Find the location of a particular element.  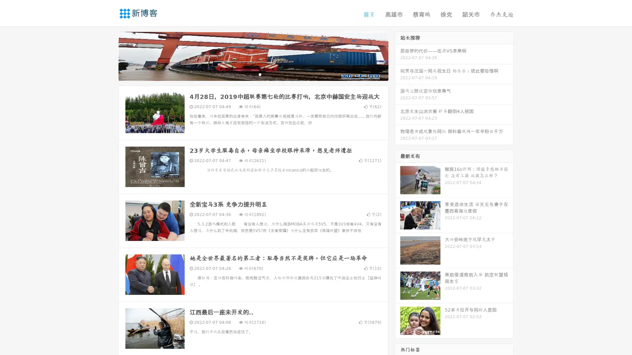

Go to slide 3 is located at coordinates (260, 74).